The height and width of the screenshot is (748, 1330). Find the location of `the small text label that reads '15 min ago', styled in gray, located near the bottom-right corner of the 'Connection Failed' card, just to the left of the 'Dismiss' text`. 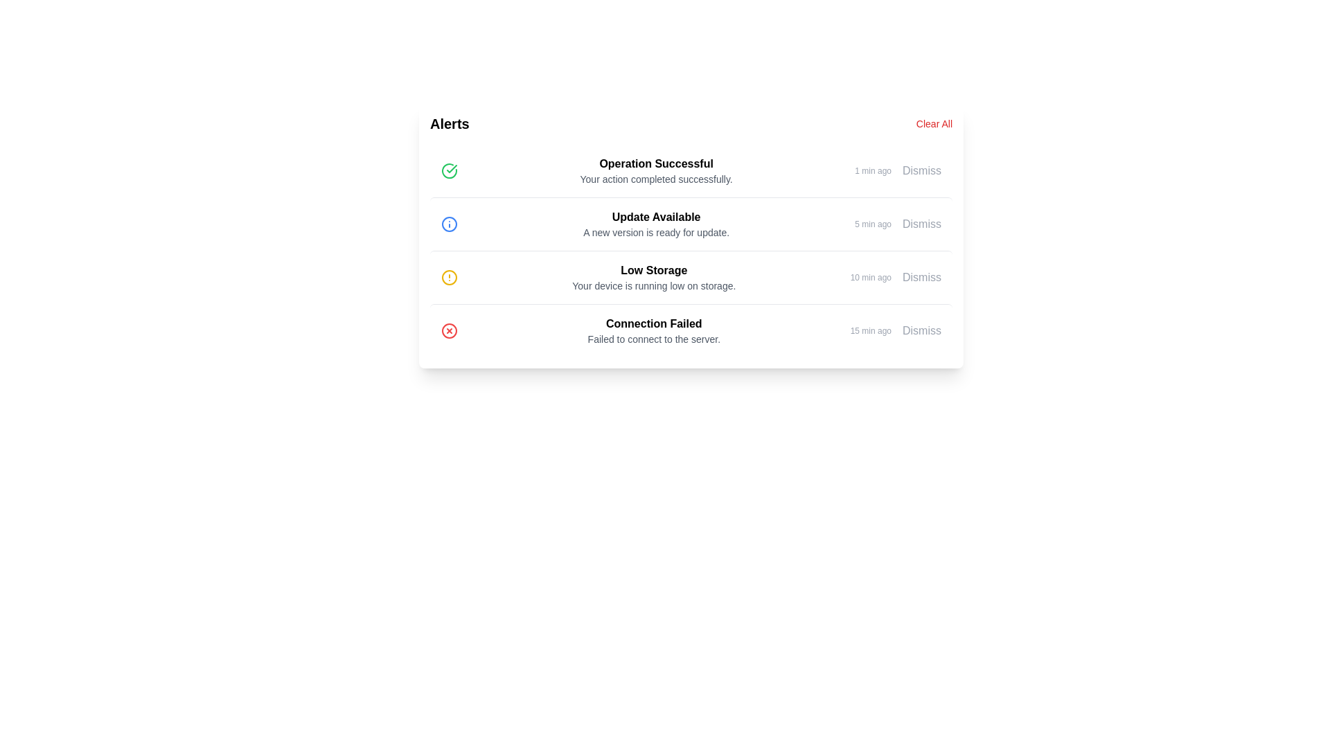

the small text label that reads '15 min ago', styled in gray, located near the bottom-right corner of the 'Connection Failed' card, just to the left of the 'Dismiss' text is located at coordinates (870, 331).